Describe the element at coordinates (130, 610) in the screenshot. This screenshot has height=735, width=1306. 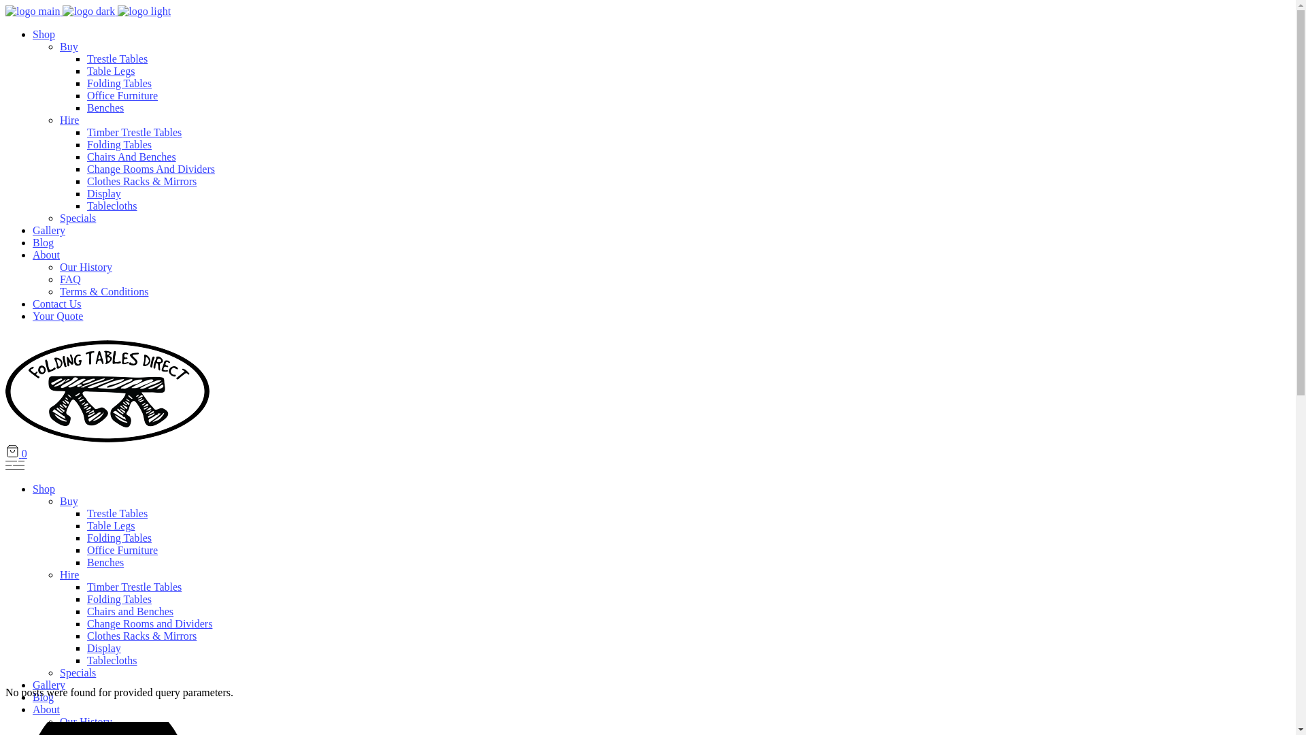
I see `'Chairs and Benches'` at that location.